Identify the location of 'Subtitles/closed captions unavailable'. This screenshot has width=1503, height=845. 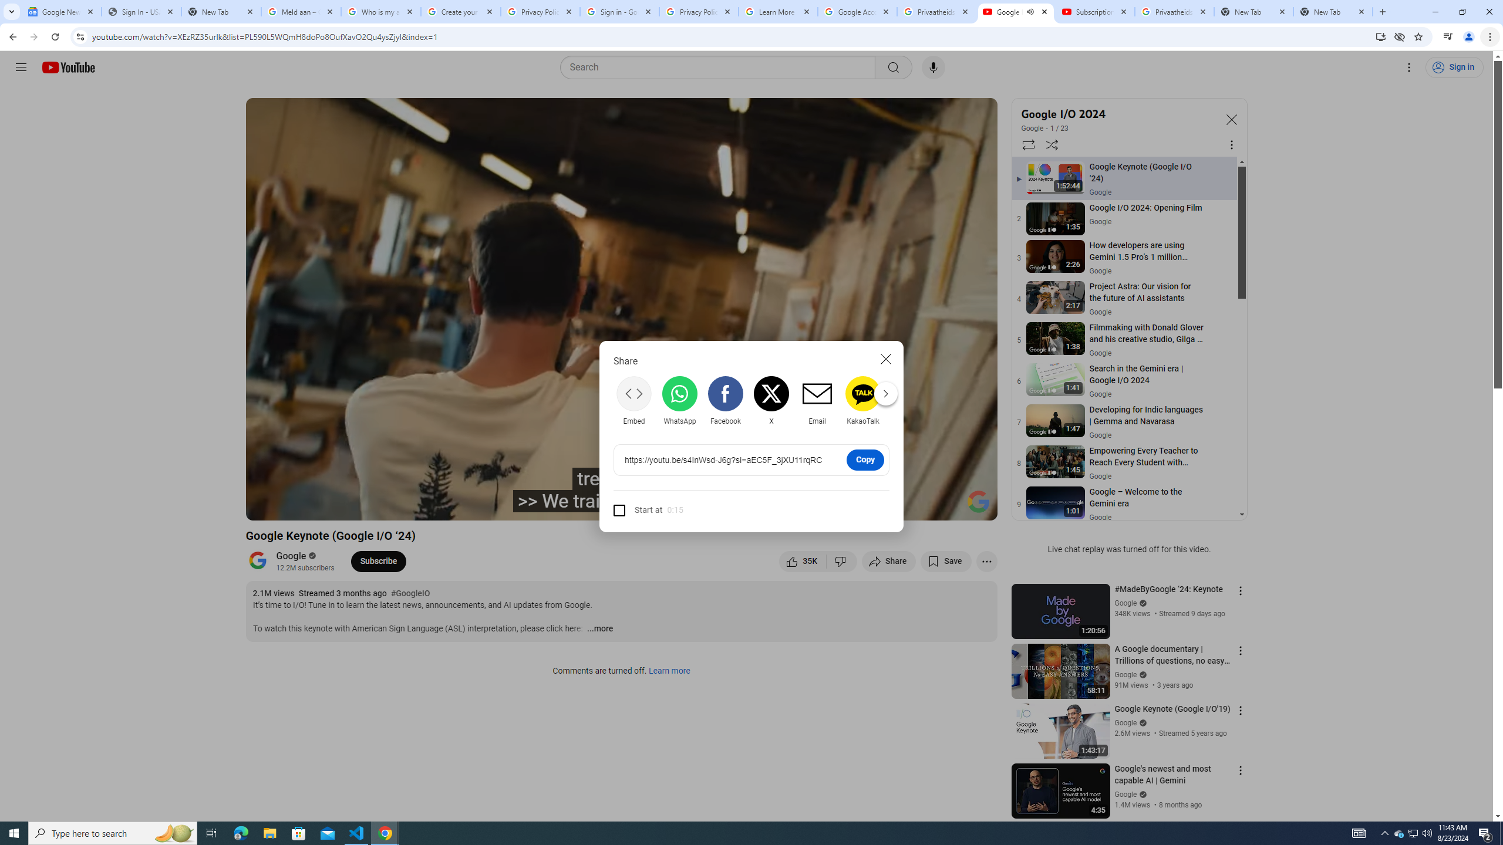
(862, 506).